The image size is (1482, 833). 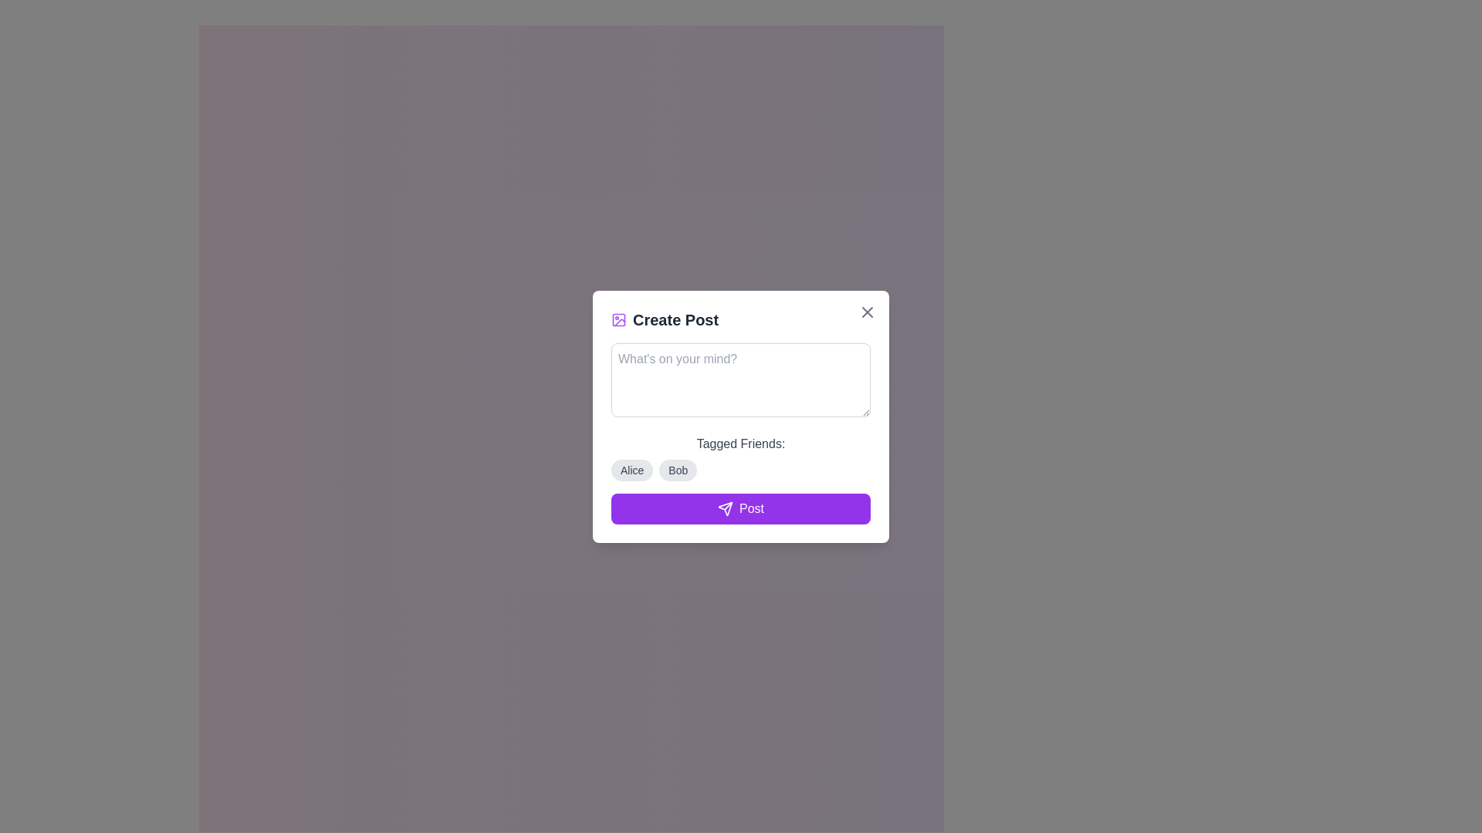 What do you see at coordinates (867, 312) in the screenshot?
I see `the diagonal cross ('X') of the close button located at the top-right corner of the modal interface` at bounding box center [867, 312].